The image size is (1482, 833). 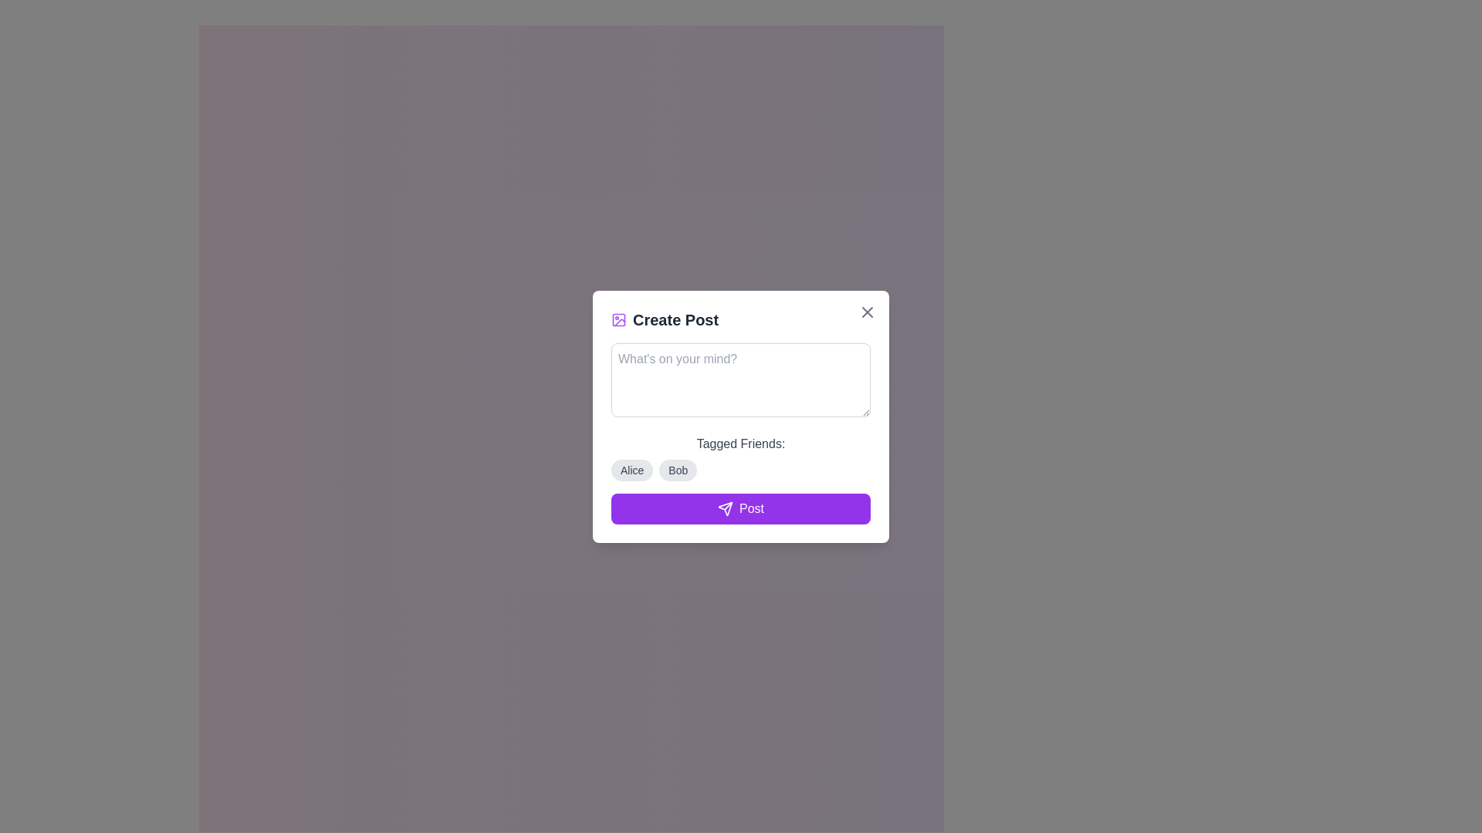 What do you see at coordinates (867, 312) in the screenshot?
I see `the diagonal cross ('X') of the close button located at the top-right corner of the modal interface` at bounding box center [867, 312].